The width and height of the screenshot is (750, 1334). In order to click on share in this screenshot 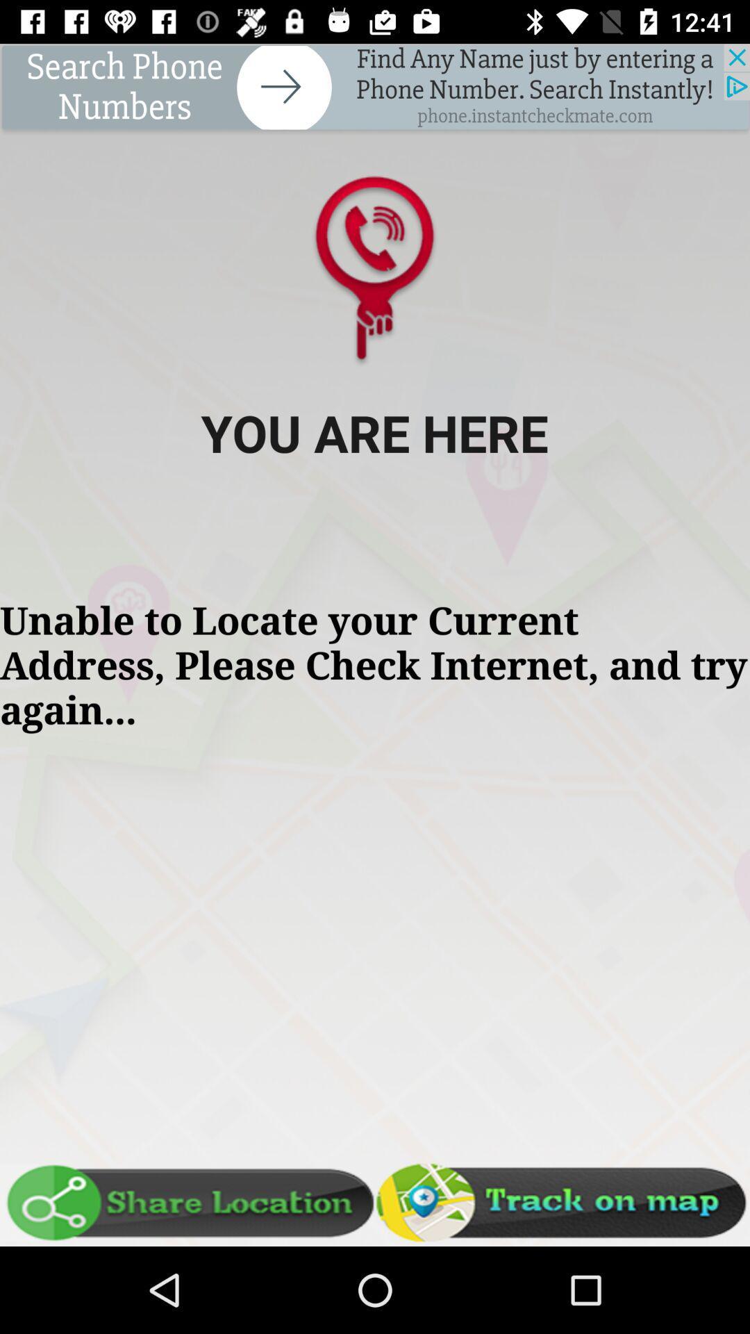, I will do `click(187, 1202)`.